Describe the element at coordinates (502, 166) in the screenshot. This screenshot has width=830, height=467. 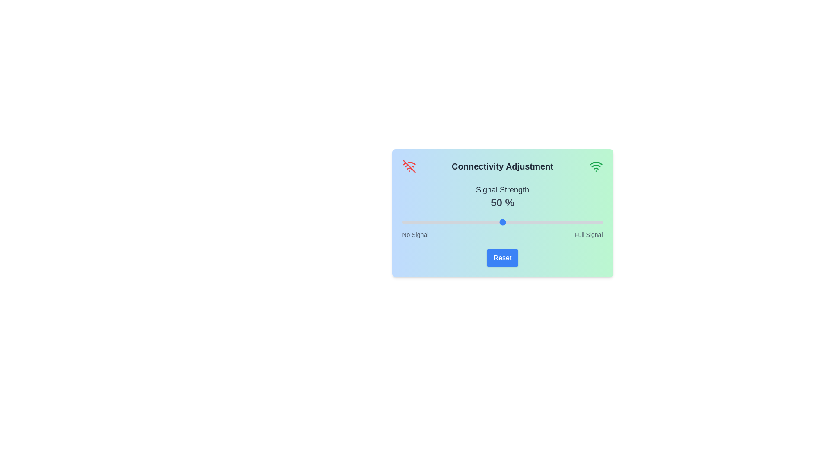
I see `the title to read its text` at that location.